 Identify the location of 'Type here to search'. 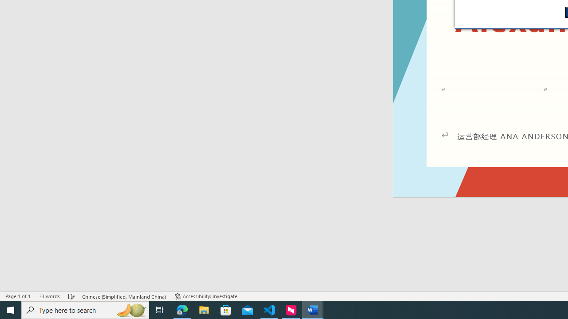
(85, 309).